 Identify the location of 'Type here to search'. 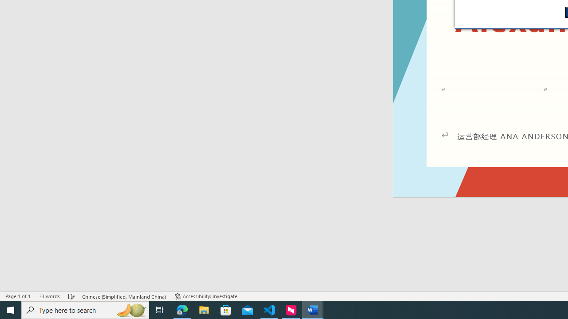
(85, 309).